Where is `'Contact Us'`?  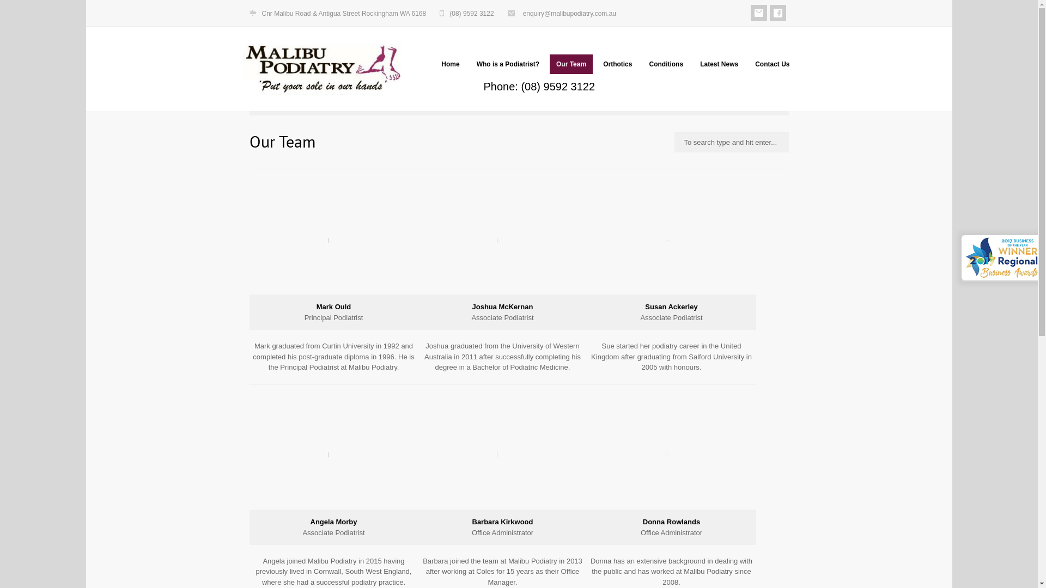 'Contact Us' is located at coordinates (771, 64).